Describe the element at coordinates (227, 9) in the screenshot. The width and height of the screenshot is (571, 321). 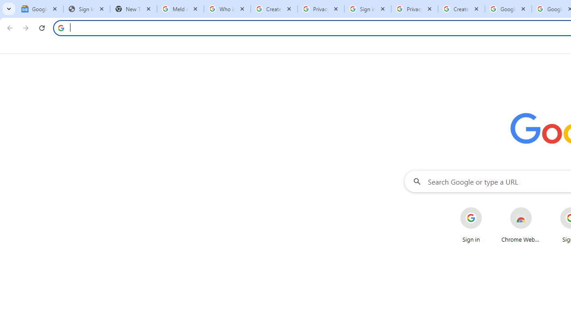
I see `'Who is my administrator? - Google Account Help'` at that location.